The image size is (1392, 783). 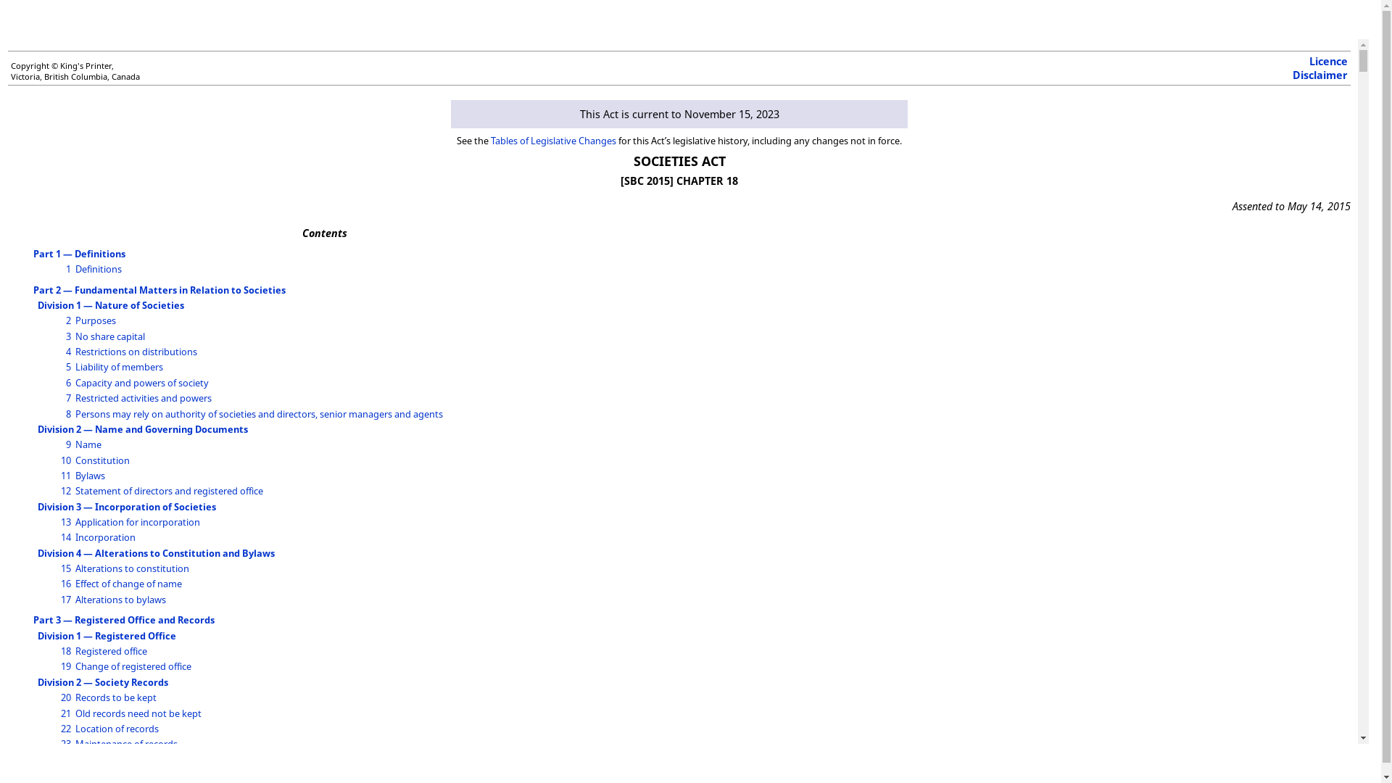 I want to click on 'Alterations to bylaws', so click(x=120, y=599).